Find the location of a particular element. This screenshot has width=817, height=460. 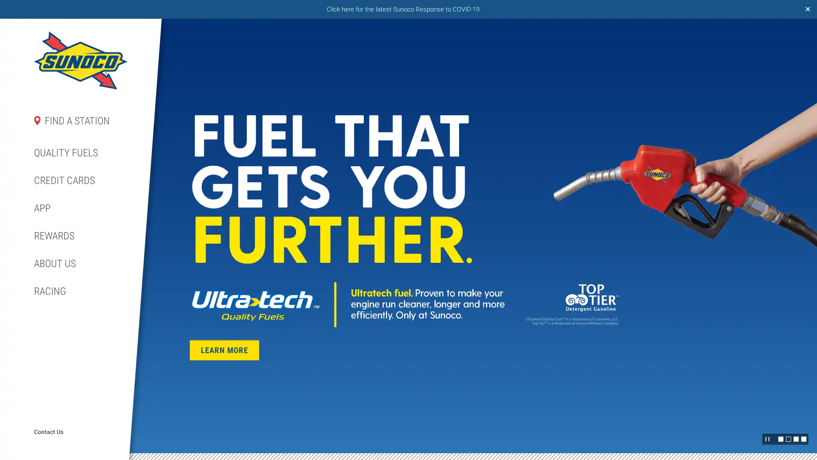

Close is located at coordinates (807, 9).